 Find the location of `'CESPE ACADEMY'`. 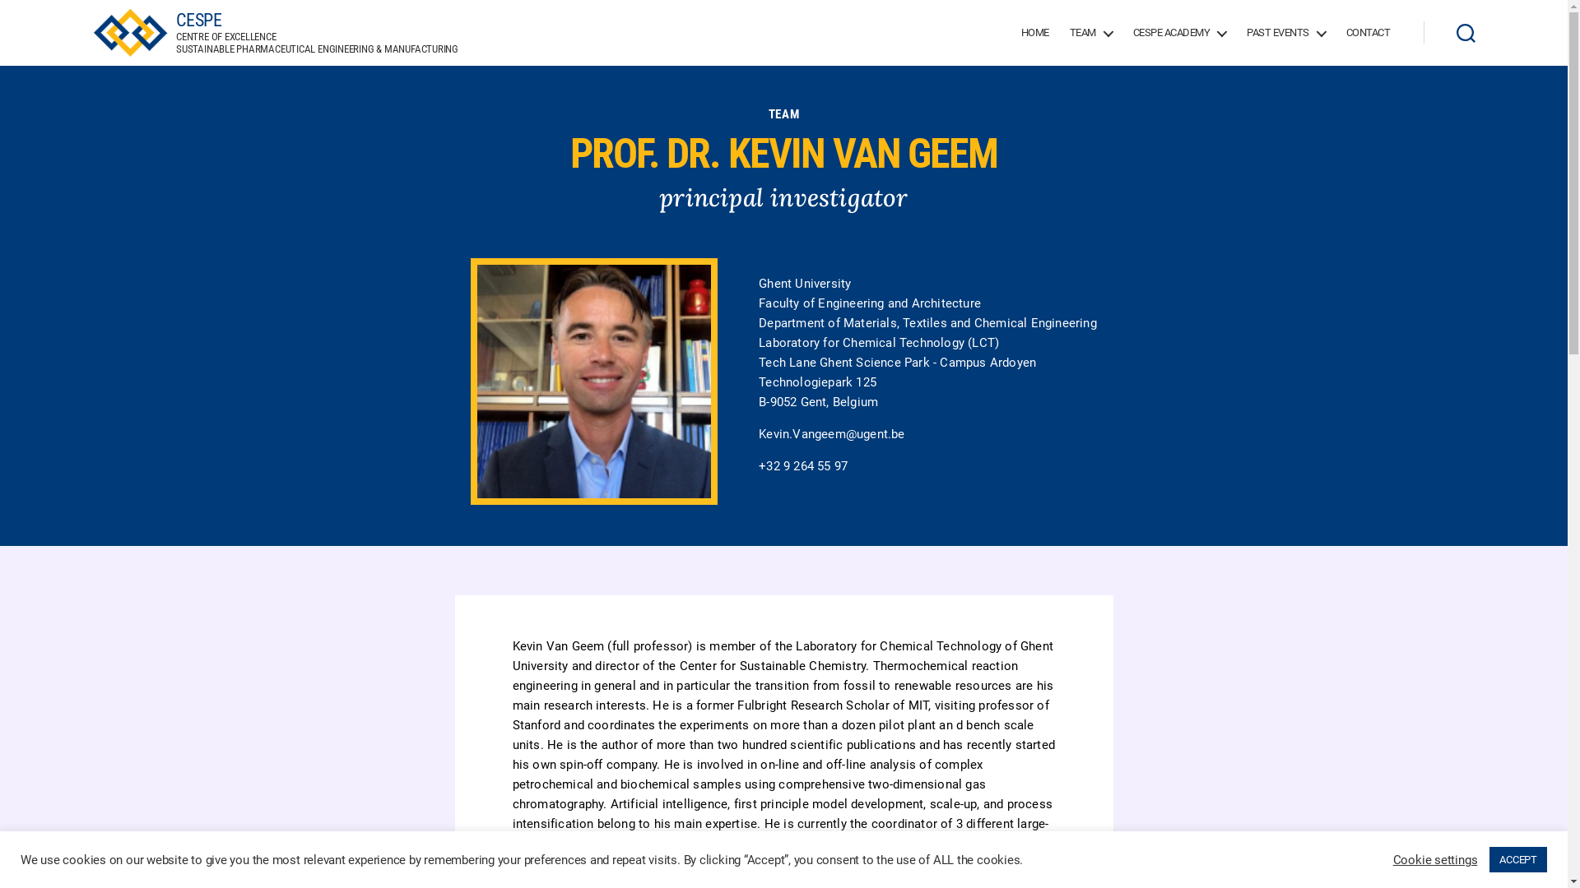

'CESPE ACADEMY' is located at coordinates (1179, 32).